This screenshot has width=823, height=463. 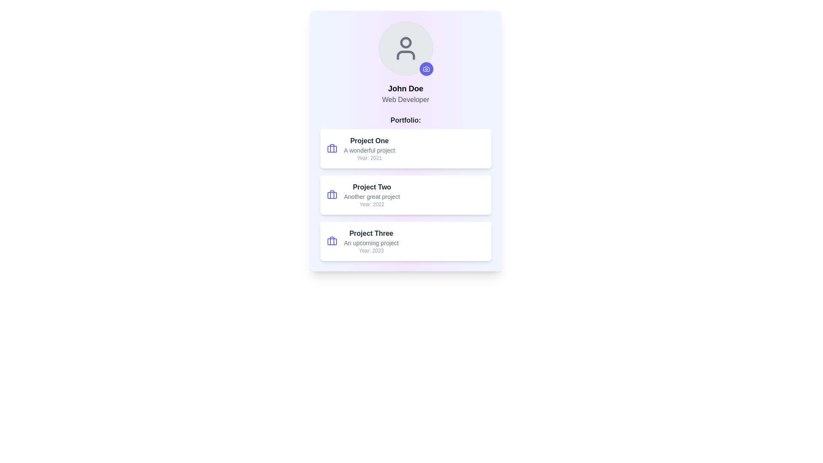 I want to click on the rectangle graphic that represents a briefcase icon, which is located to the left of the text 'Project One', 'Project Two', or 'Project Three', so click(x=331, y=241).